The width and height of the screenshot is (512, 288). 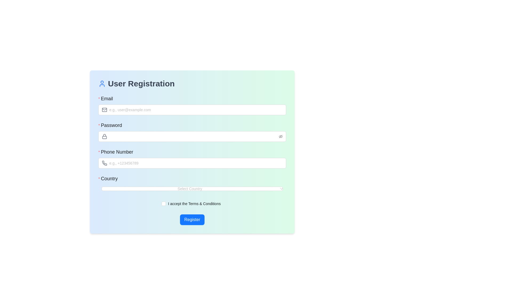 What do you see at coordinates (192, 203) in the screenshot?
I see `the checkbox labeled 'I accept the Terms & Conditions'` at bounding box center [192, 203].